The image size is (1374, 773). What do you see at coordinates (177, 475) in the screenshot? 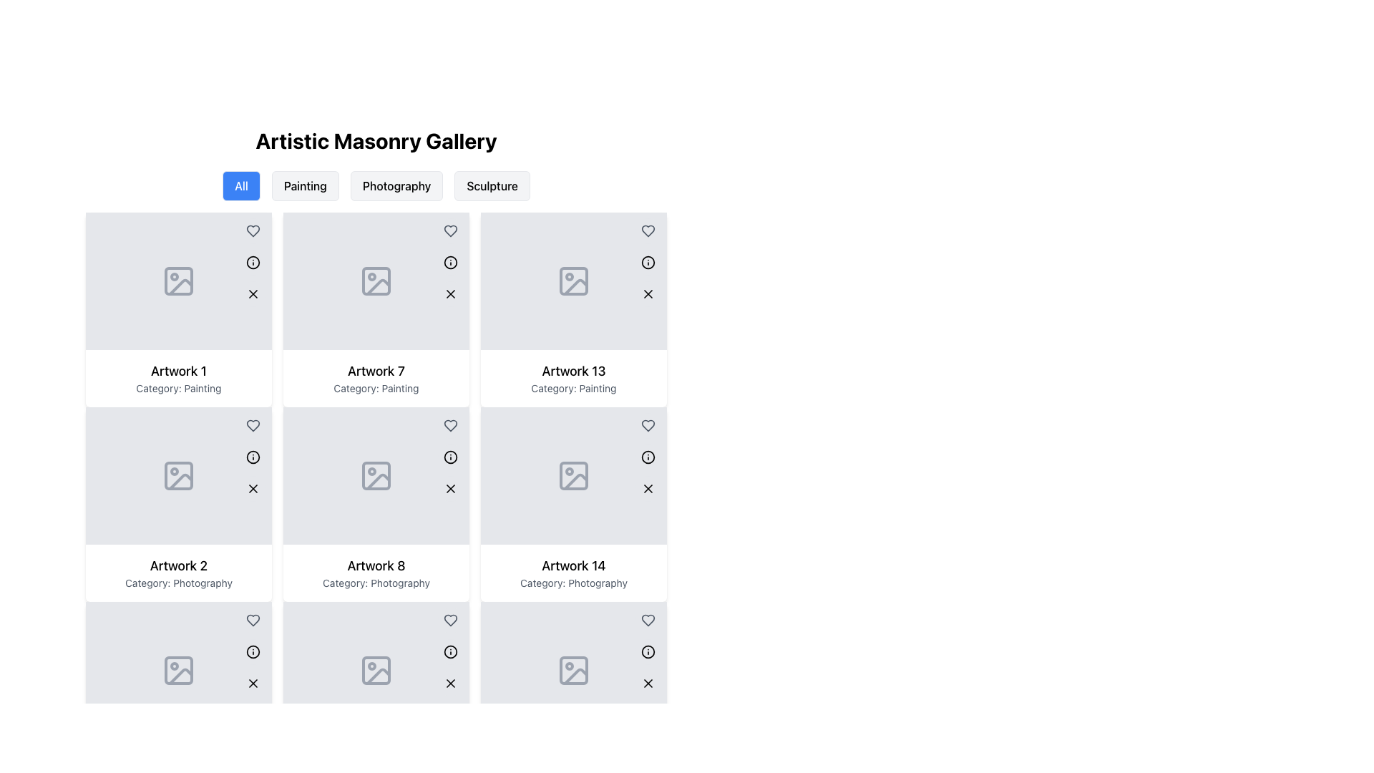
I see `the icon representing an image, styled with a gray outline, found in the second item of the first column in the masonry gallery labeled 'Artwork 2' under the category 'Photography'` at bounding box center [177, 475].